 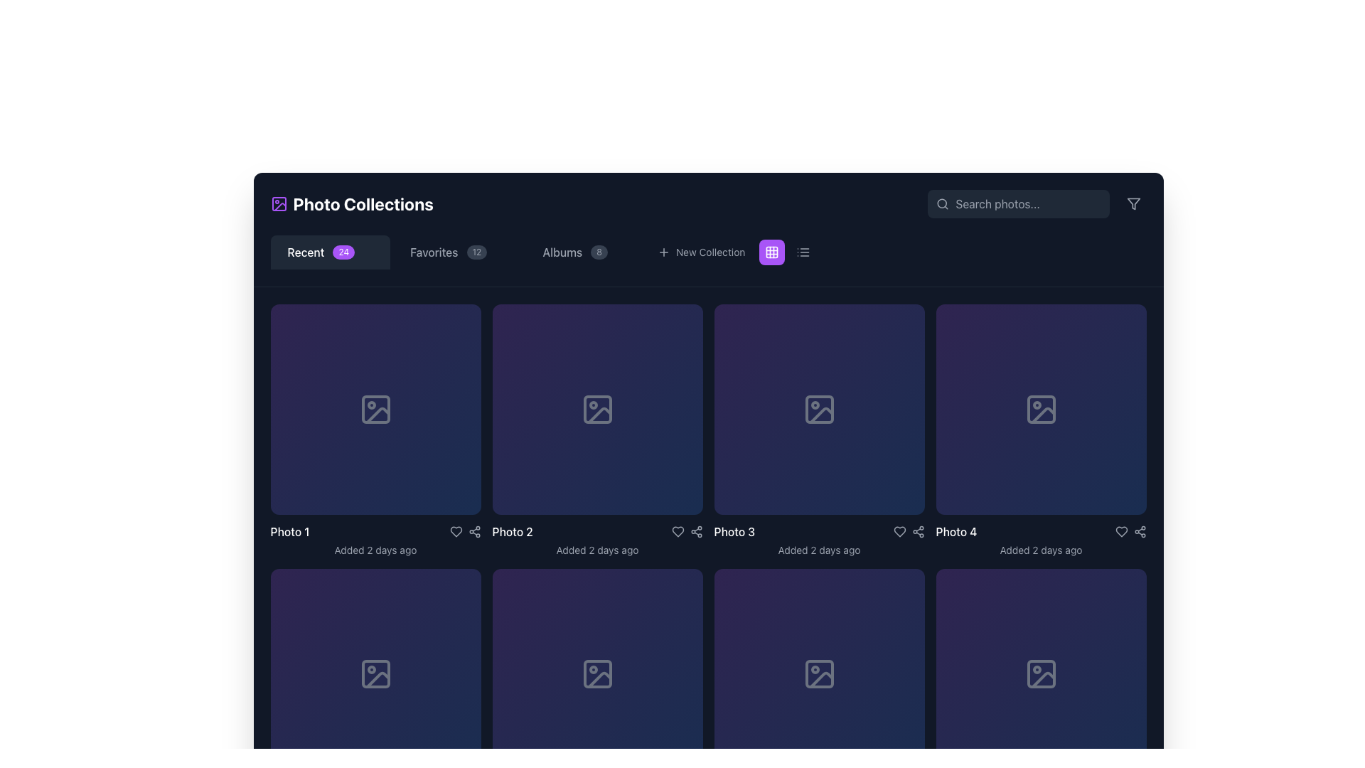 I want to click on the favorite button in the 'Photo 2' card to observe the color change indicating the filled/unfilled state, so click(x=456, y=532).